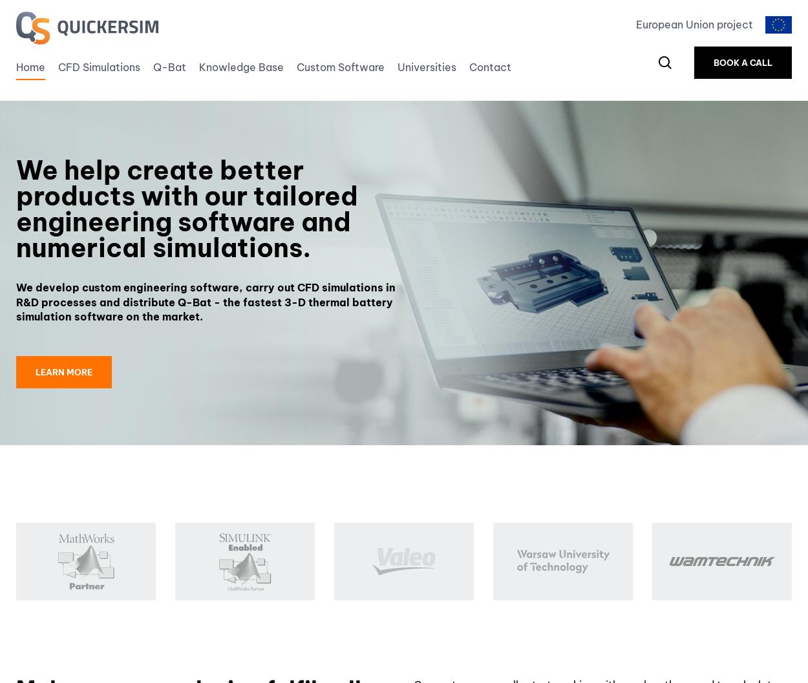  Describe the element at coordinates (205, 301) in the screenshot. I see `'We develop custom engineering software, carry out CFD simulations in R&D processes and distribute Q-Bat - the fastest 3-D thermal battery simulation software on the market.'` at that location.